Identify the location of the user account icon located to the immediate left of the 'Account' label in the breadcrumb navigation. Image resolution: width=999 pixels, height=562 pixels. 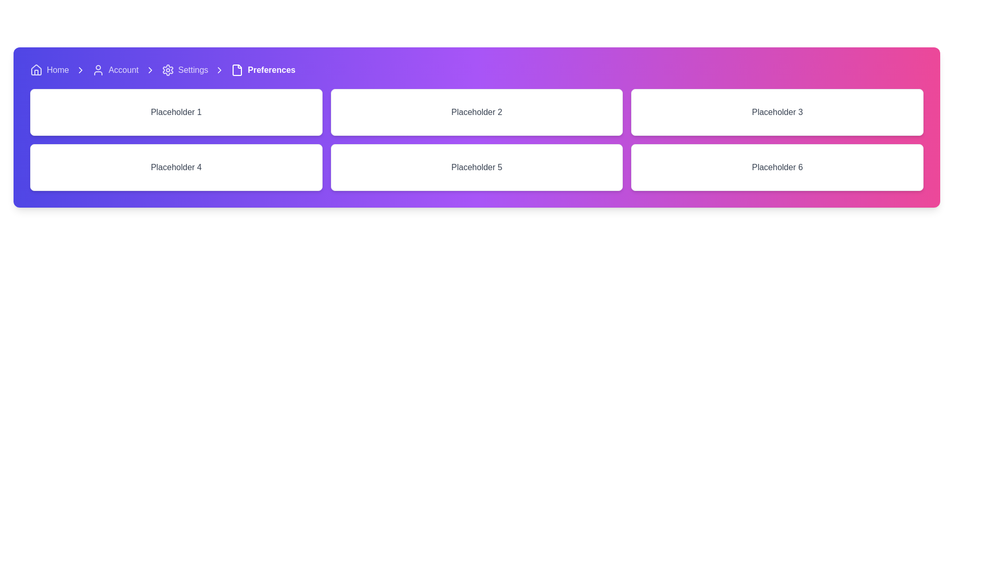
(98, 70).